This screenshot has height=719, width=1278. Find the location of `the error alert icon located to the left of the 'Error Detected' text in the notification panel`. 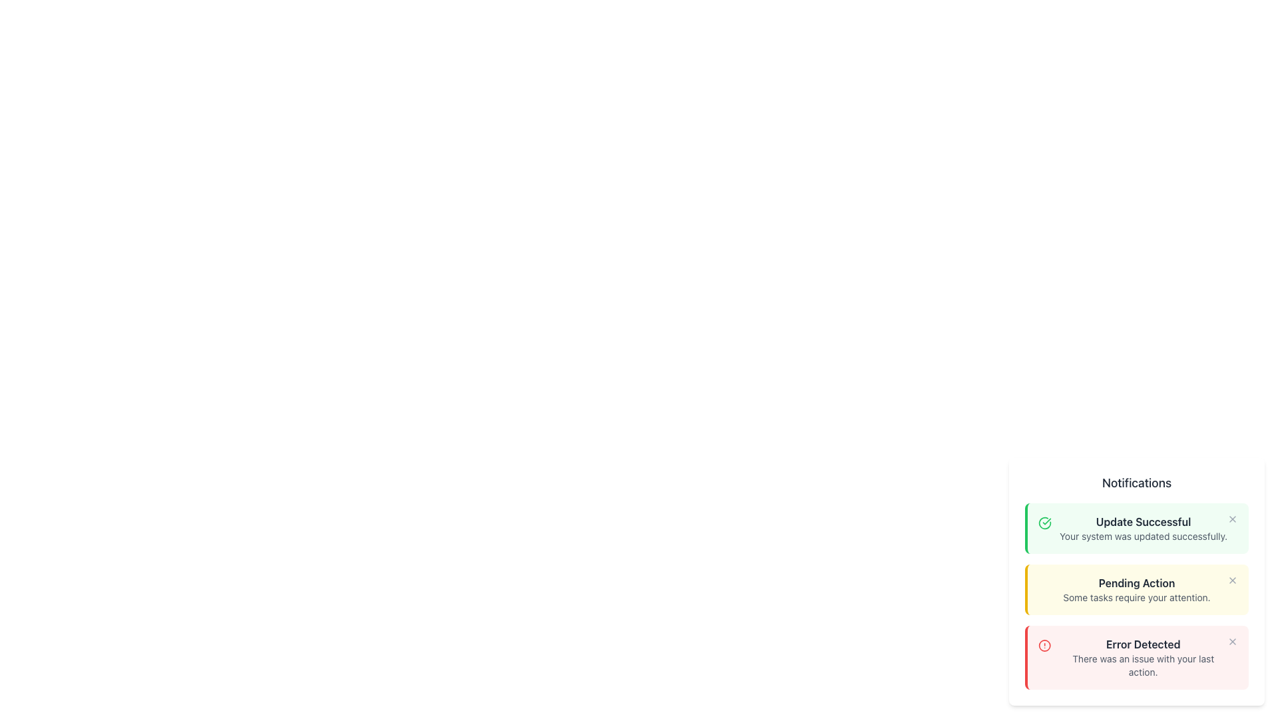

the error alert icon located to the left of the 'Error Detected' text in the notification panel is located at coordinates (1044, 644).